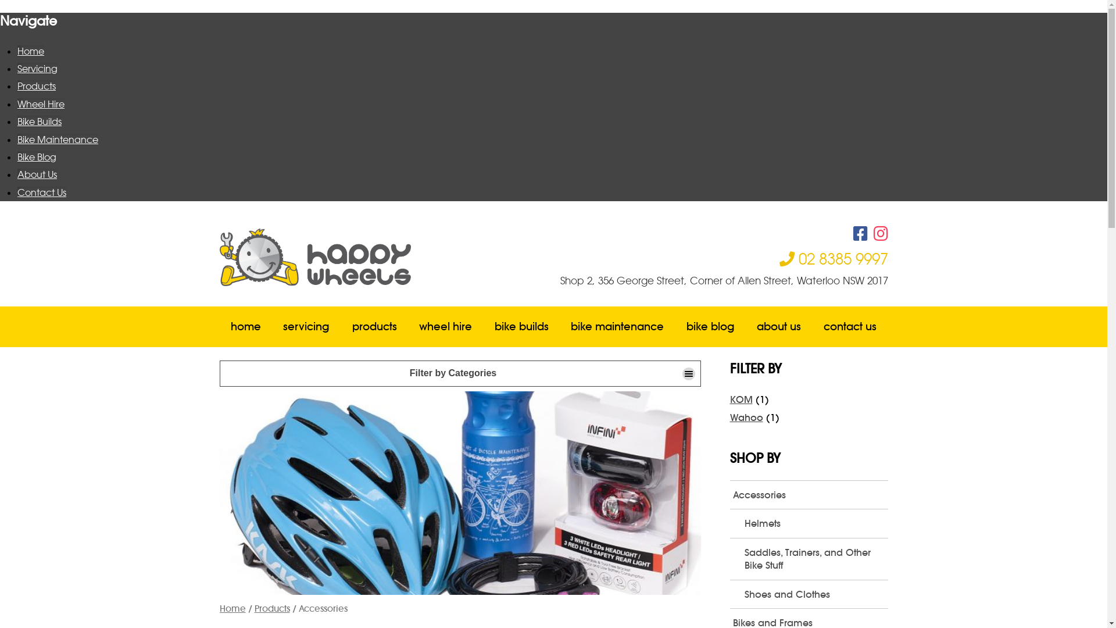  I want to click on 'Bike Blog', so click(37, 157).